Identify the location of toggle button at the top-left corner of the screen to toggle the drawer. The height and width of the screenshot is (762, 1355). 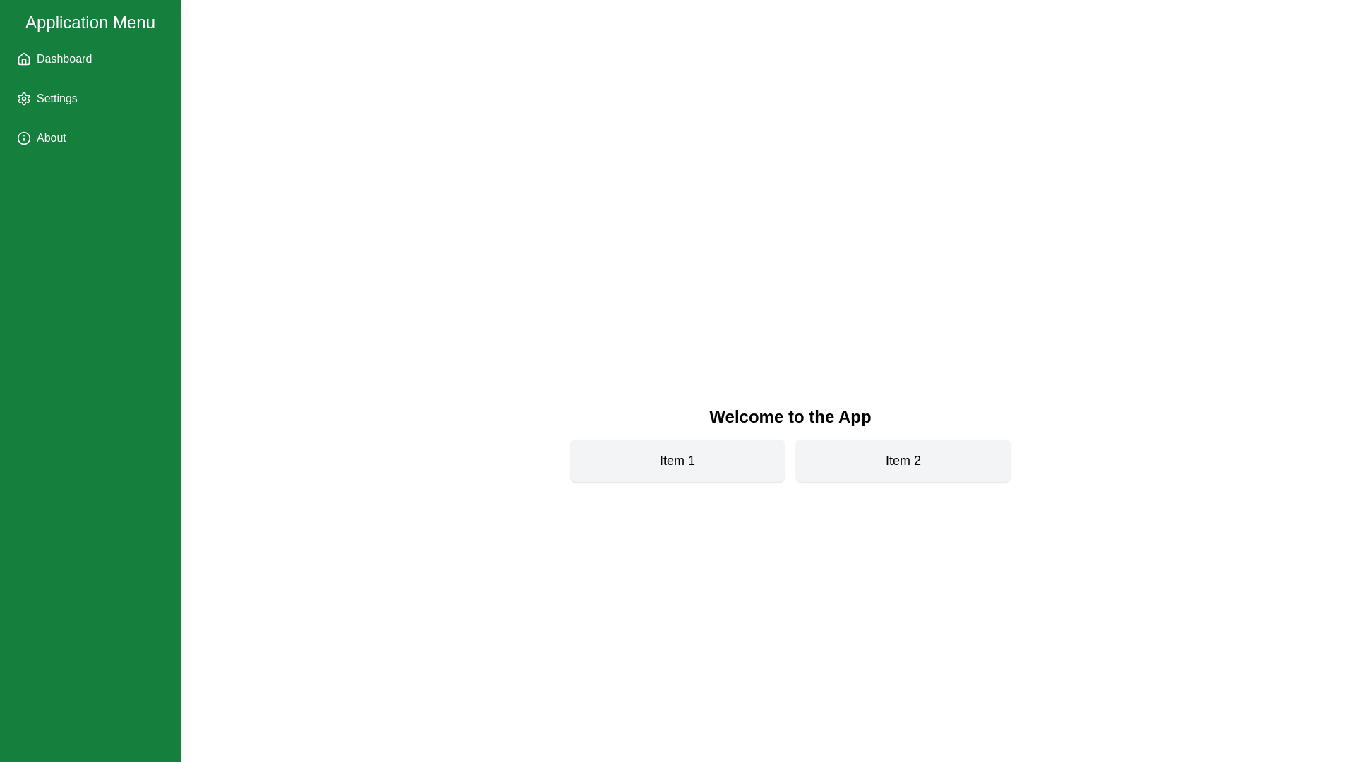
(30, 30).